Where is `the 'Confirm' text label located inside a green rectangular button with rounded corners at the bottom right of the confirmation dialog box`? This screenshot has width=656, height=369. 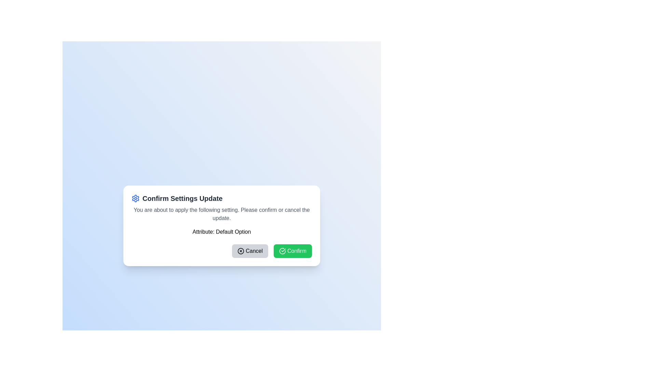 the 'Confirm' text label located inside a green rectangular button with rounded corners at the bottom right of the confirmation dialog box is located at coordinates (297, 251).